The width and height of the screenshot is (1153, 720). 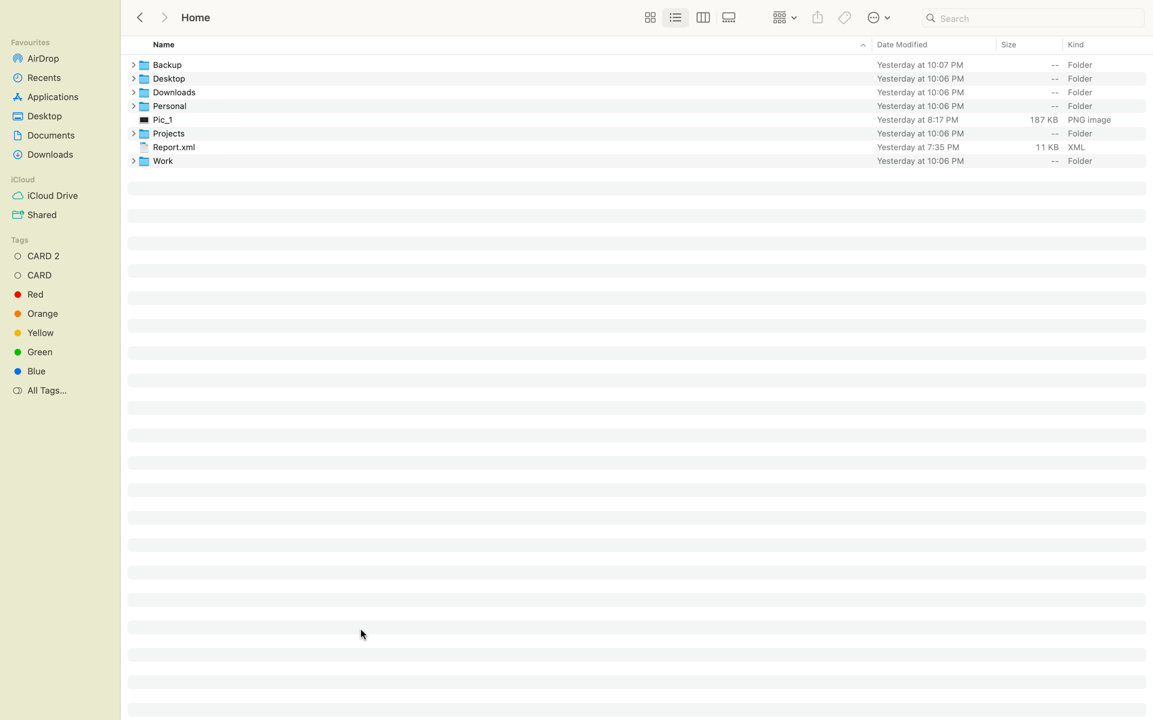 What do you see at coordinates (131, 92) in the screenshot?
I see `Expand the Downloads folder to see content inside it` at bounding box center [131, 92].